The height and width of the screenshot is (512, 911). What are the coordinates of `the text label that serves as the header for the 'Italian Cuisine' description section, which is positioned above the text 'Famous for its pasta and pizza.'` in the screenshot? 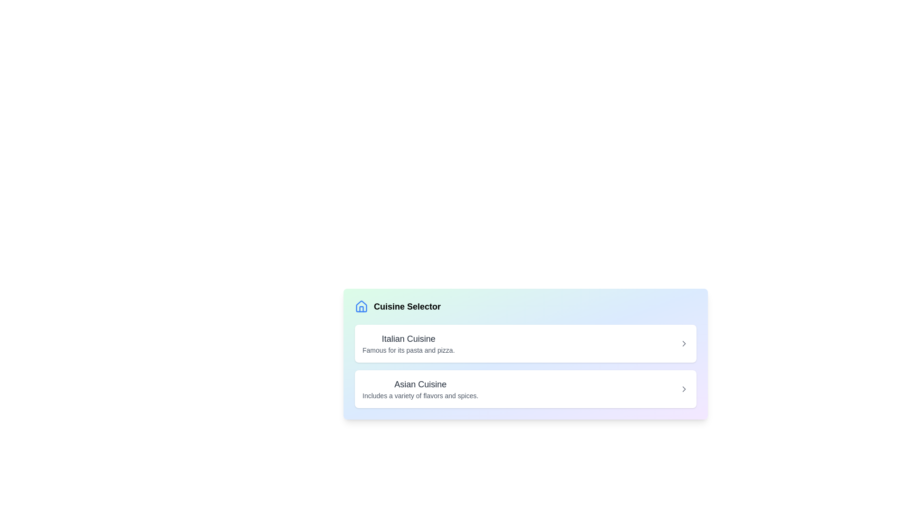 It's located at (409, 338).